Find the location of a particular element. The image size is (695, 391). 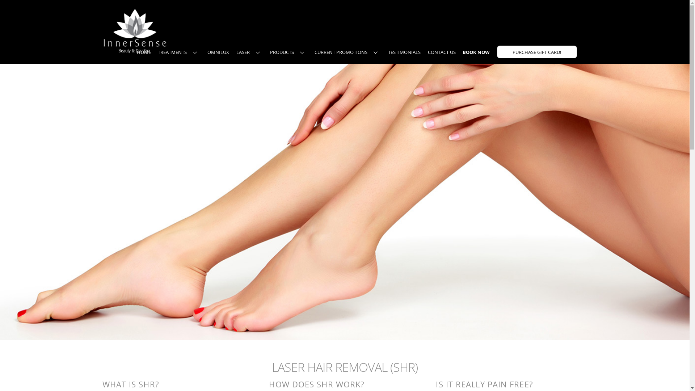

'LASER' is located at coordinates (250, 51).